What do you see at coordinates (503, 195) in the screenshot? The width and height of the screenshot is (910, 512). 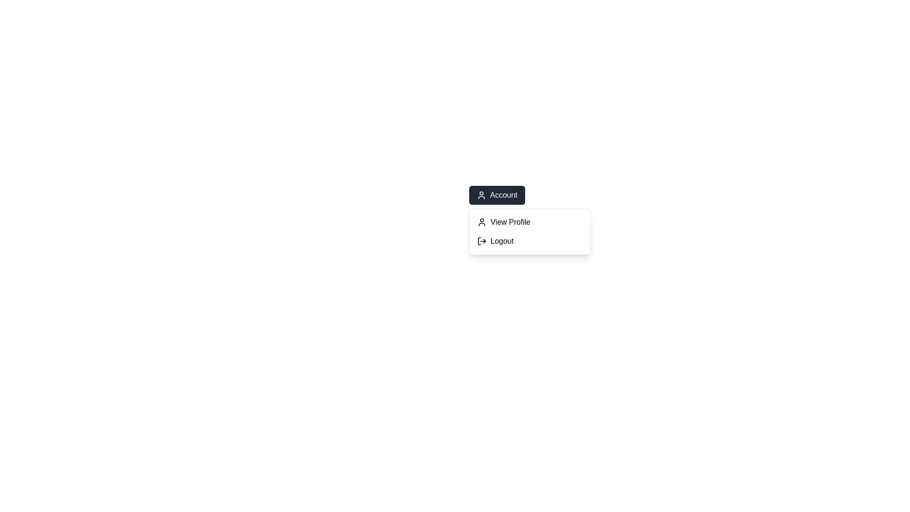 I see `the account-related text label located in the dropdown menu group in the top-right section of the interface` at bounding box center [503, 195].